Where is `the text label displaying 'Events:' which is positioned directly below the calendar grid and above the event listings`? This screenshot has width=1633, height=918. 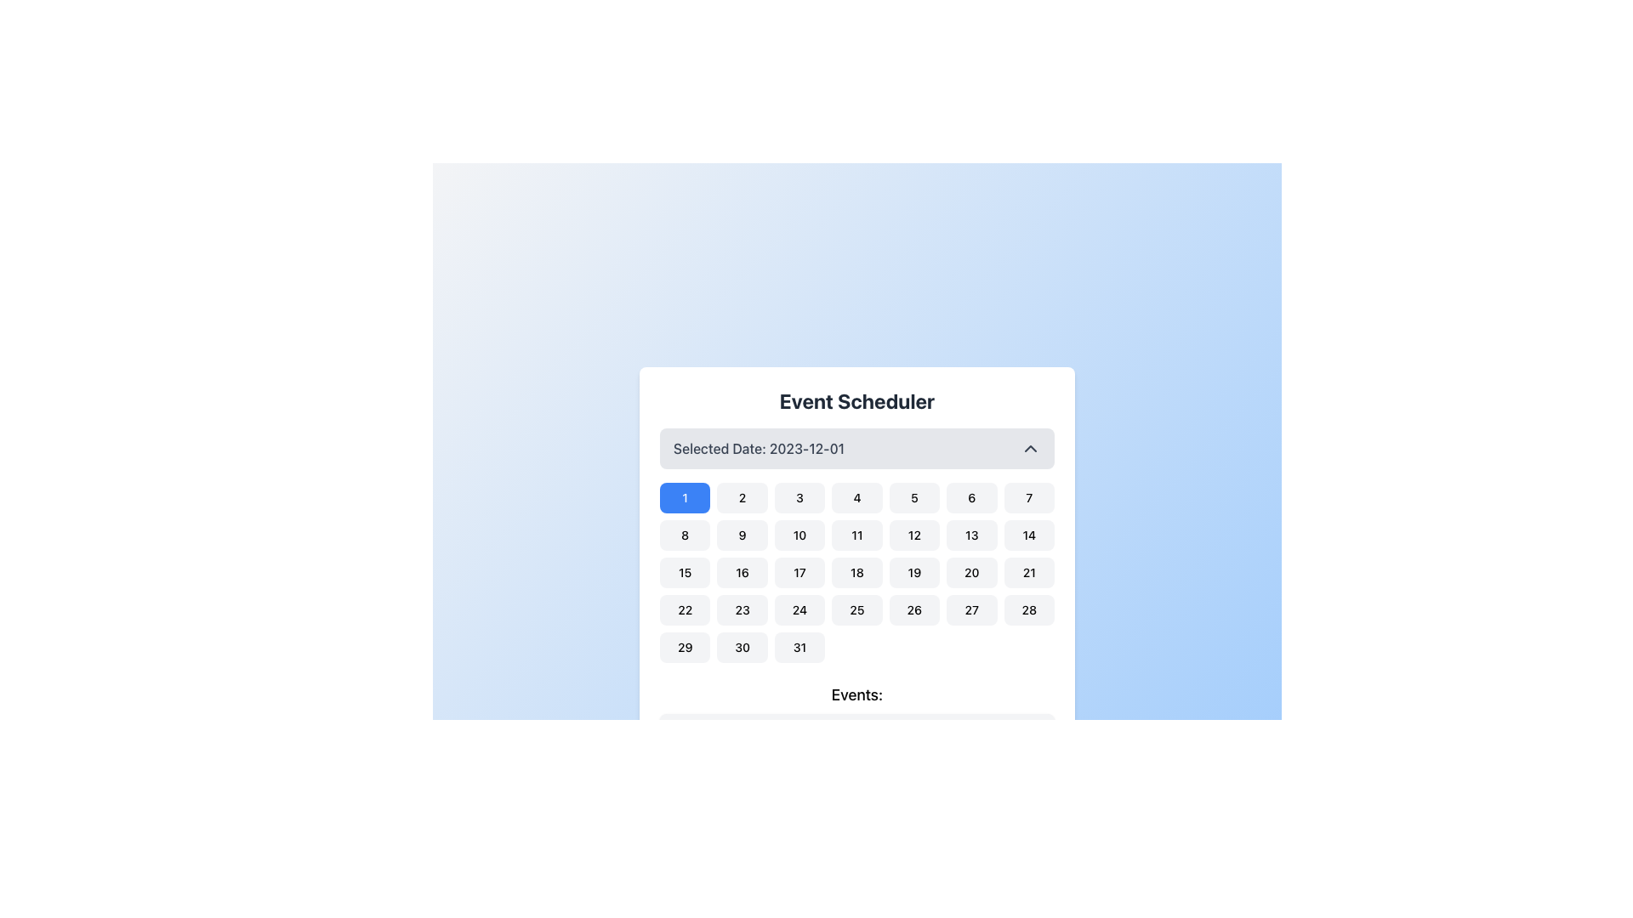
the text label displaying 'Events:' which is positioned directly below the calendar grid and above the event listings is located at coordinates (857, 698).